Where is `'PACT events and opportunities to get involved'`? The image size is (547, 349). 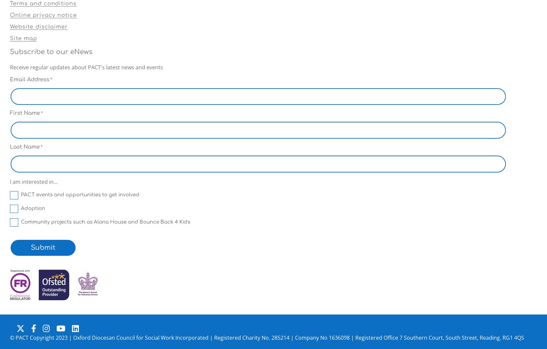 'PACT events and opportunities to get involved' is located at coordinates (80, 194).